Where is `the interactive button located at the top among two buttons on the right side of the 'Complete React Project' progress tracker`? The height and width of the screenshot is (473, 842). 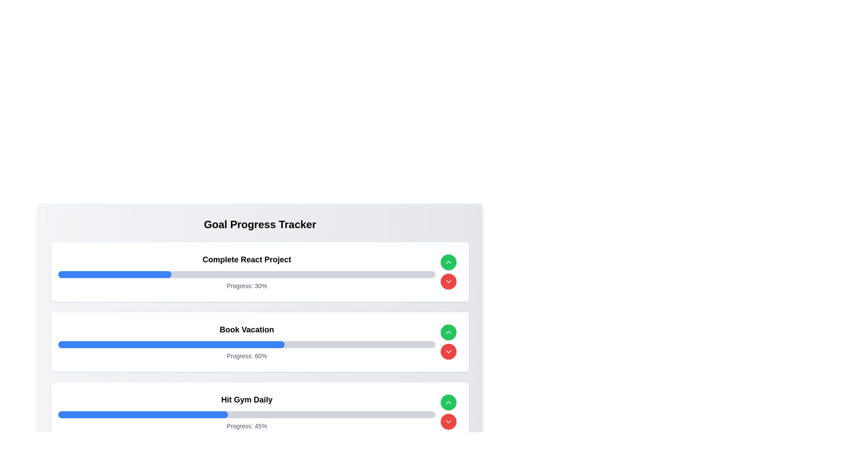
the interactive button located at the top among two buttons on the right side of the 'Complete React Project' progress tracker is located at coordinates (448, 261).